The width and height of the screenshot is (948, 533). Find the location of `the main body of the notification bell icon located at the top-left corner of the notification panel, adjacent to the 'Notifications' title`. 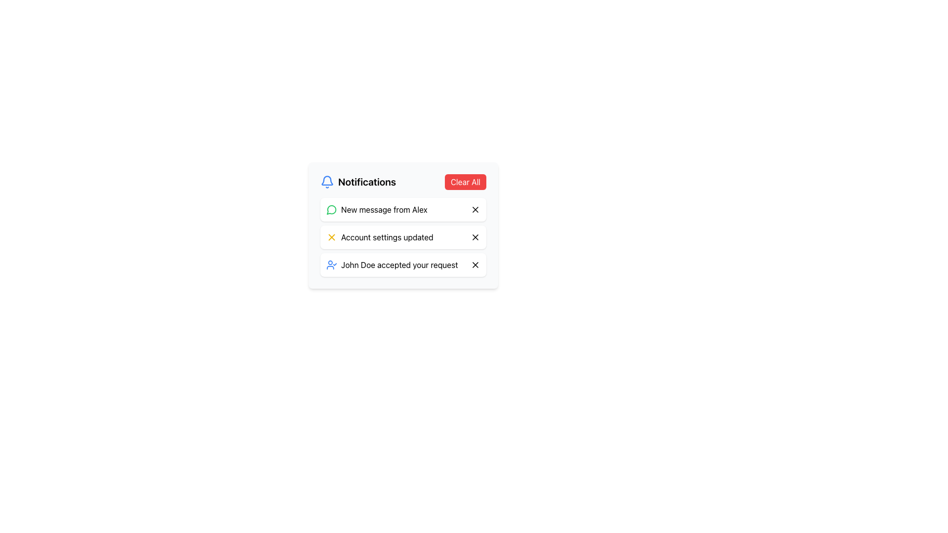

the main body of the notification bell icon located at the top-left corner of the notification panel, adjacent to the 'Notifications' title is located at coordinates (327, 181).